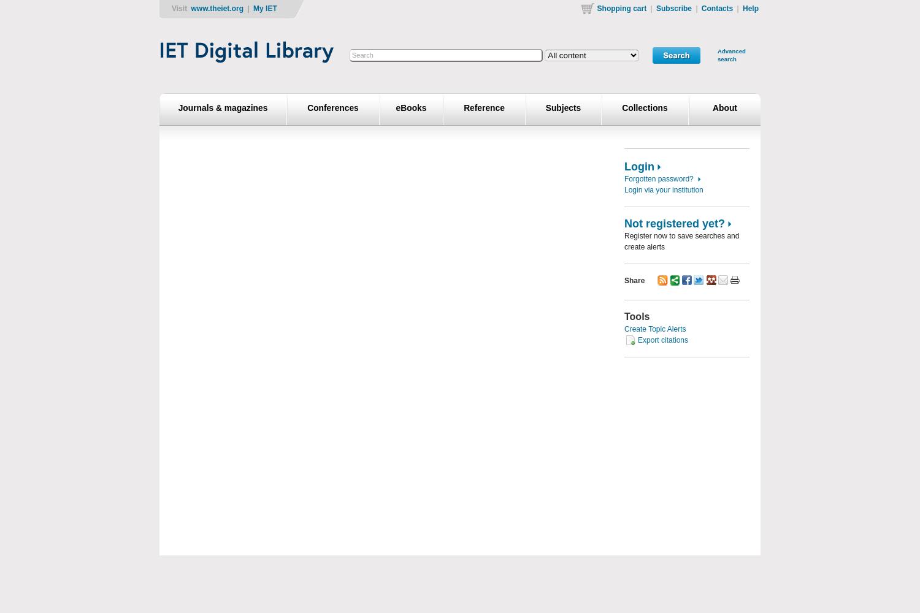 This screenshot has width=920, height=613. I want to click on 'www.theiet.org', so click(217, 9).